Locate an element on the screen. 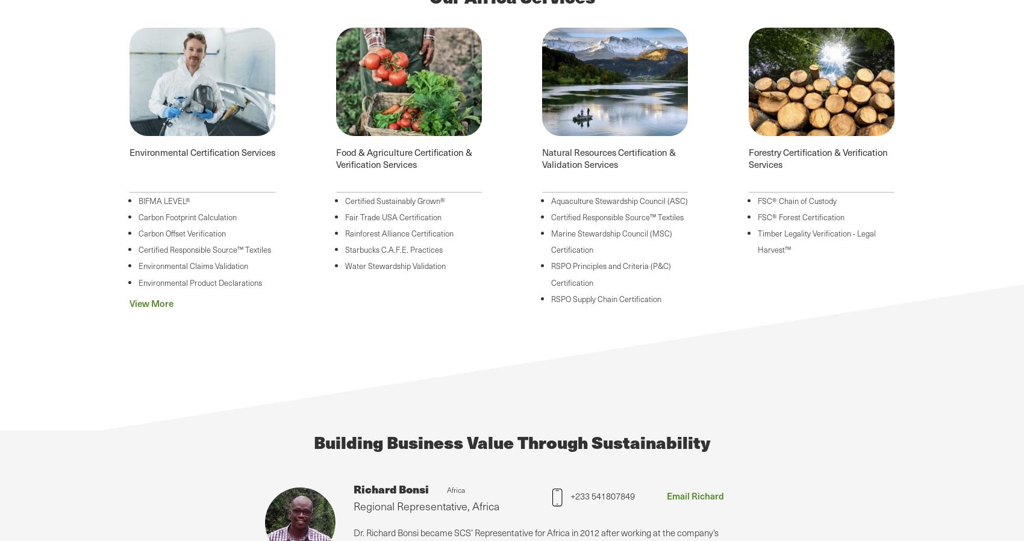 Image resolution: width=1024 pixels, height=541 pixels. 'Water Stewardship Validation' is located at coordinates (395, 265).